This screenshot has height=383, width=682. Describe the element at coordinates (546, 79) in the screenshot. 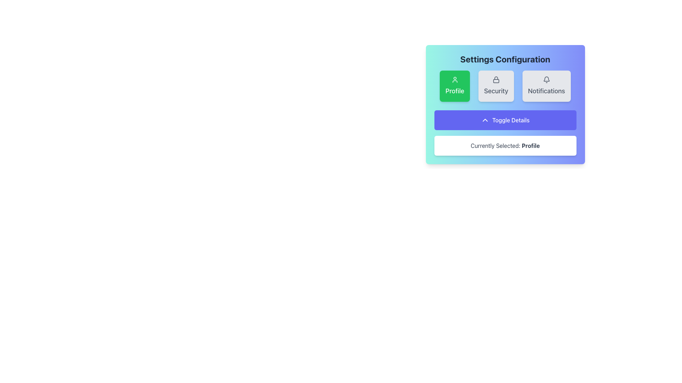

I see `the 'Notifications' icon located in the top-right corner of the configuration panel` at that location.